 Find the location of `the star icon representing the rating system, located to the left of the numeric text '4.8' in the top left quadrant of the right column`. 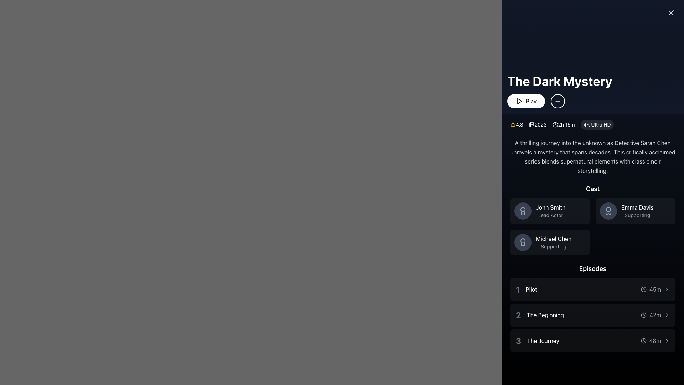

the star icon representing the rating system, located to the left of the numeric text '4.8' in the top left quadrant of the right column is located at coordinates (513, 124).